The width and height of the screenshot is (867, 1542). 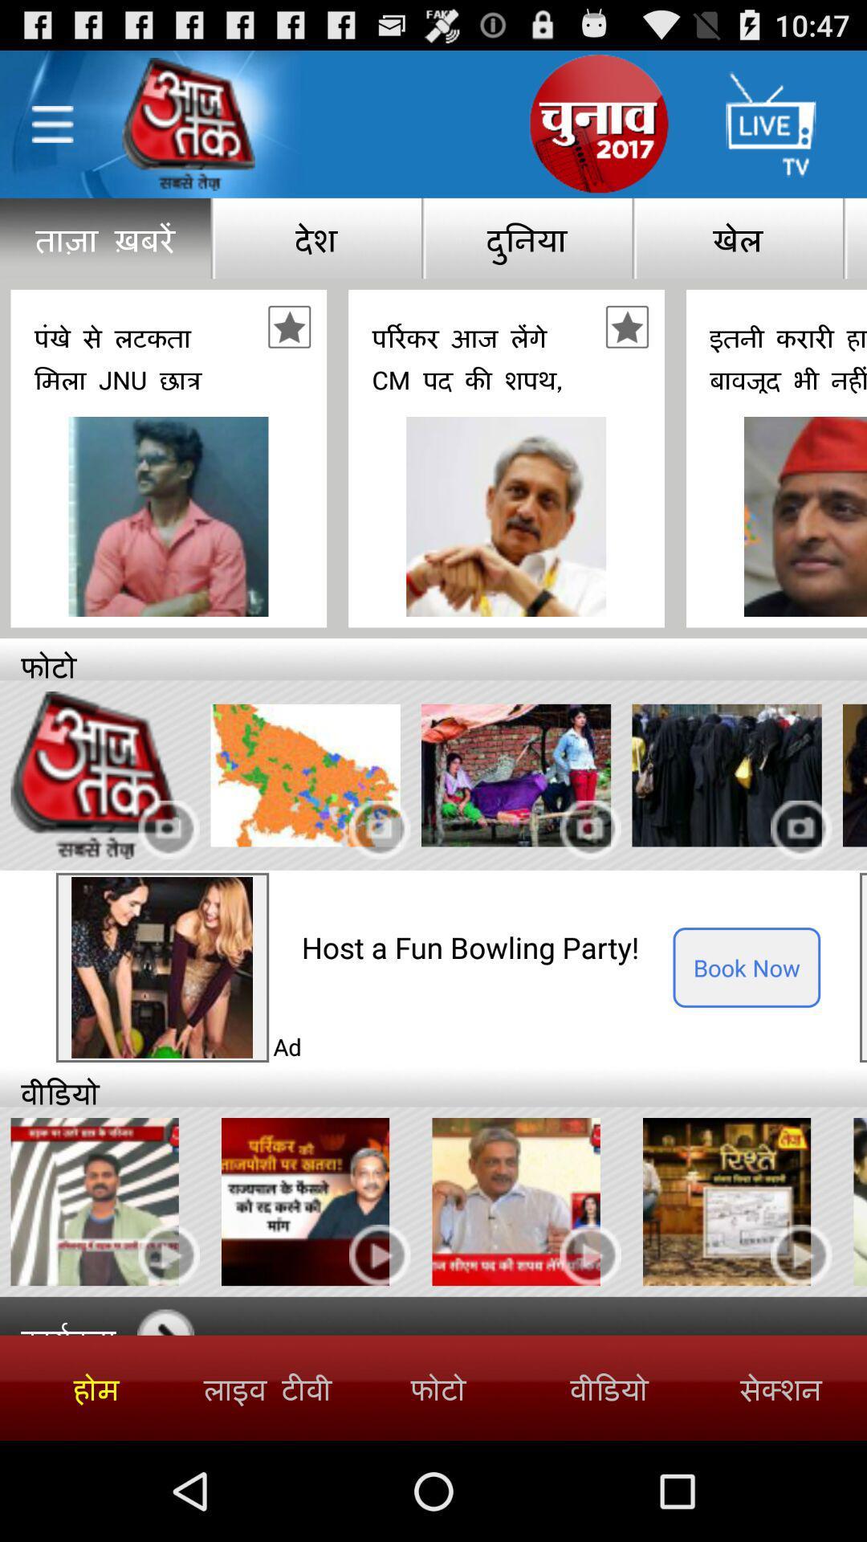 I want to click on host a fun, so click(x=486, y=947).